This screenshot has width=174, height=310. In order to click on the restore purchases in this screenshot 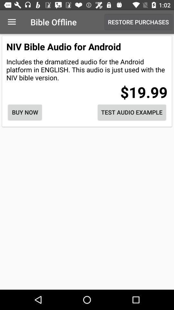, I will do `click(138, 22)`.